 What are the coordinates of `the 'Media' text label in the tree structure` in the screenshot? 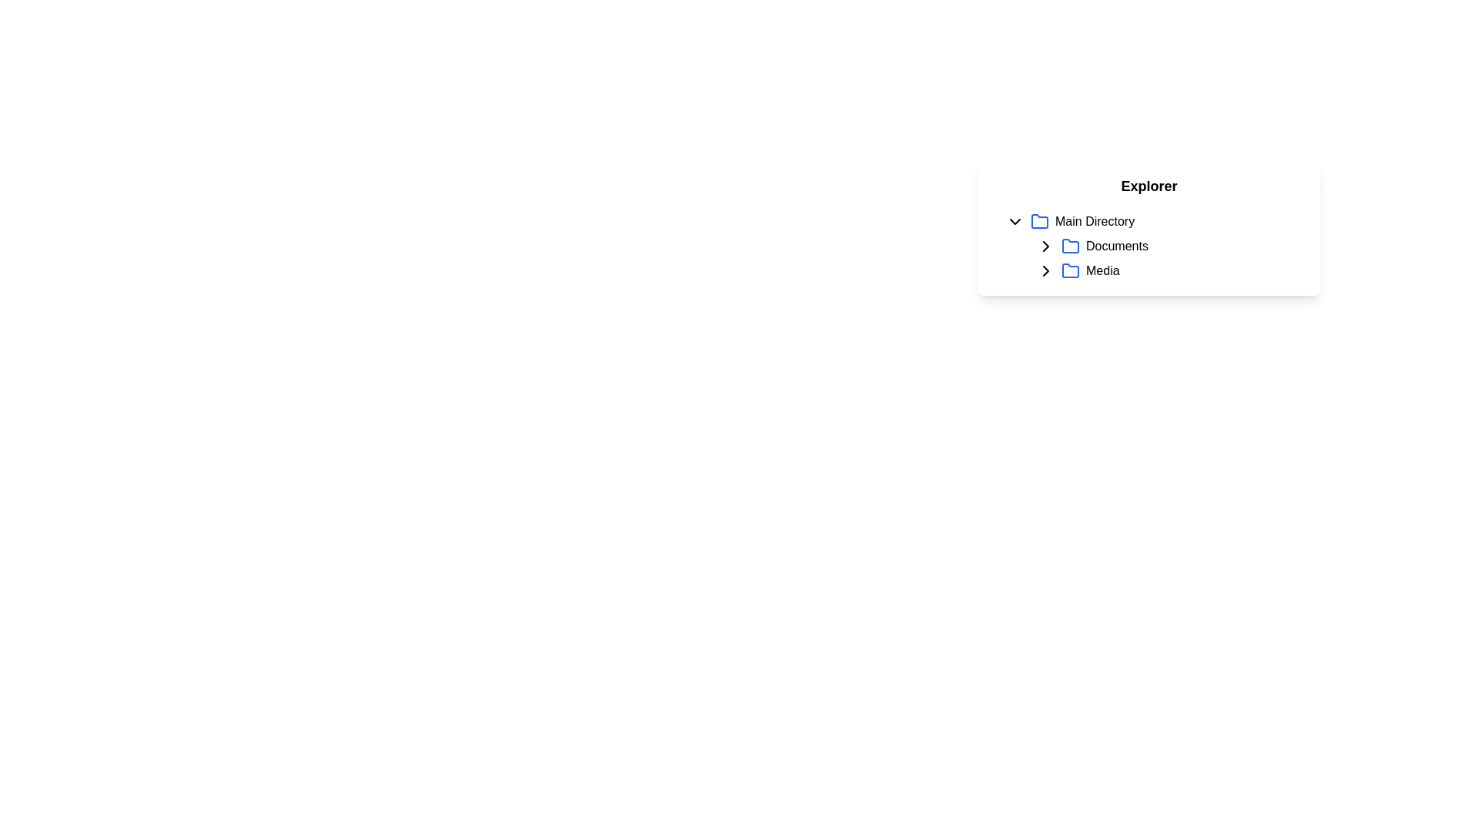 It's located at (1102, 270).